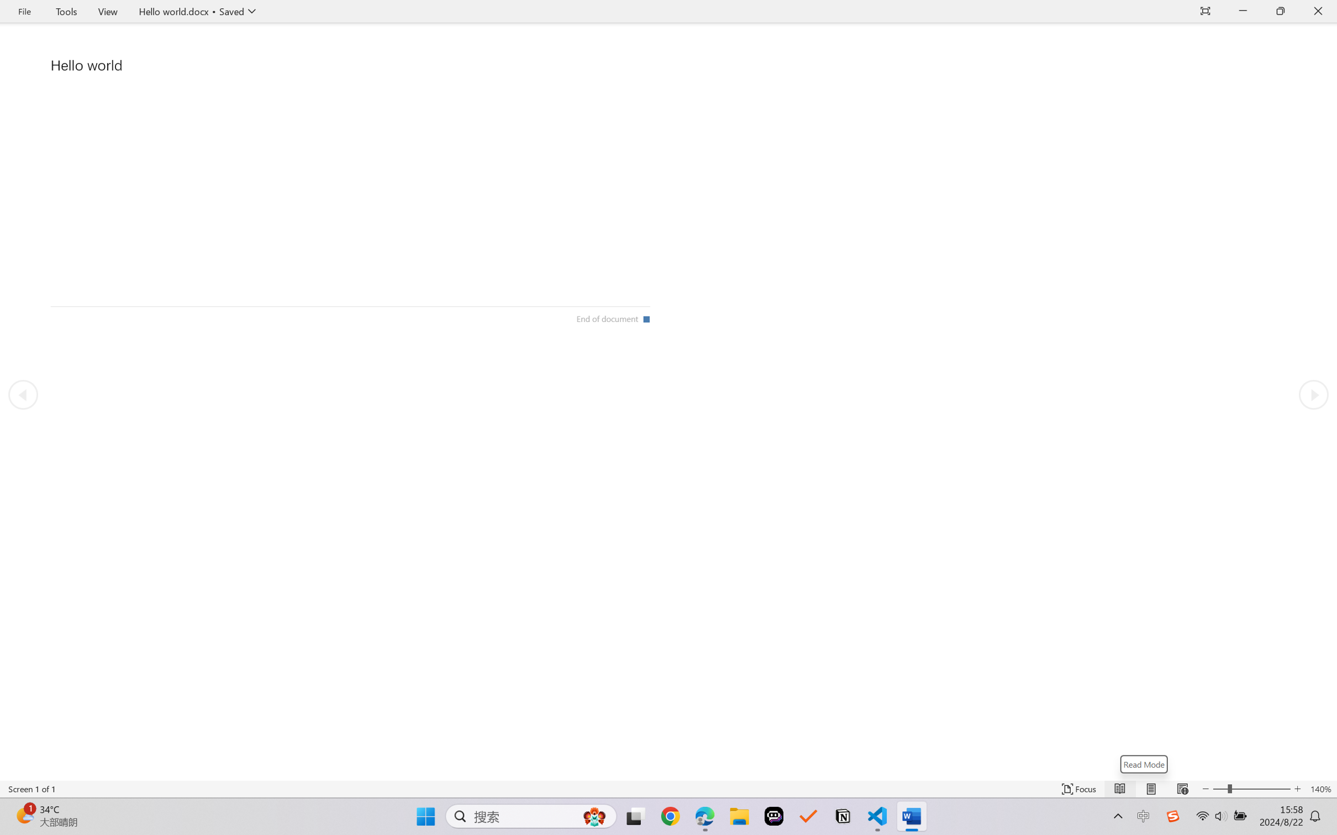 The width and height of the screenshot is (1337, 835). I want to click on 'File Tab', so click(24, 11).